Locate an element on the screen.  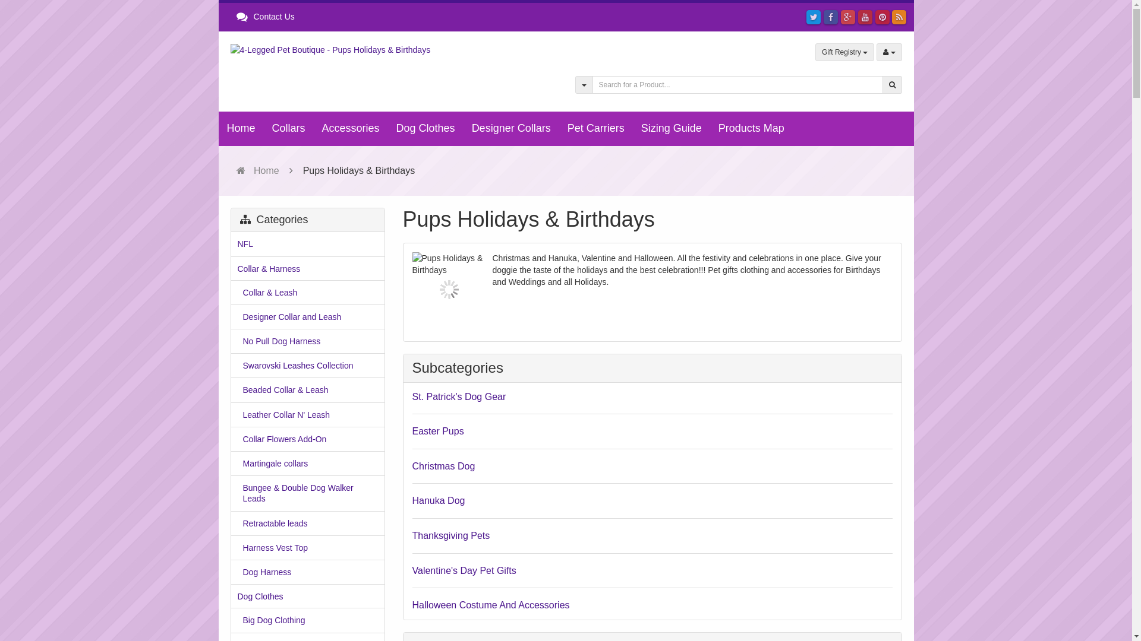
'Collar & Harness' is located at coordinates (231, 268).